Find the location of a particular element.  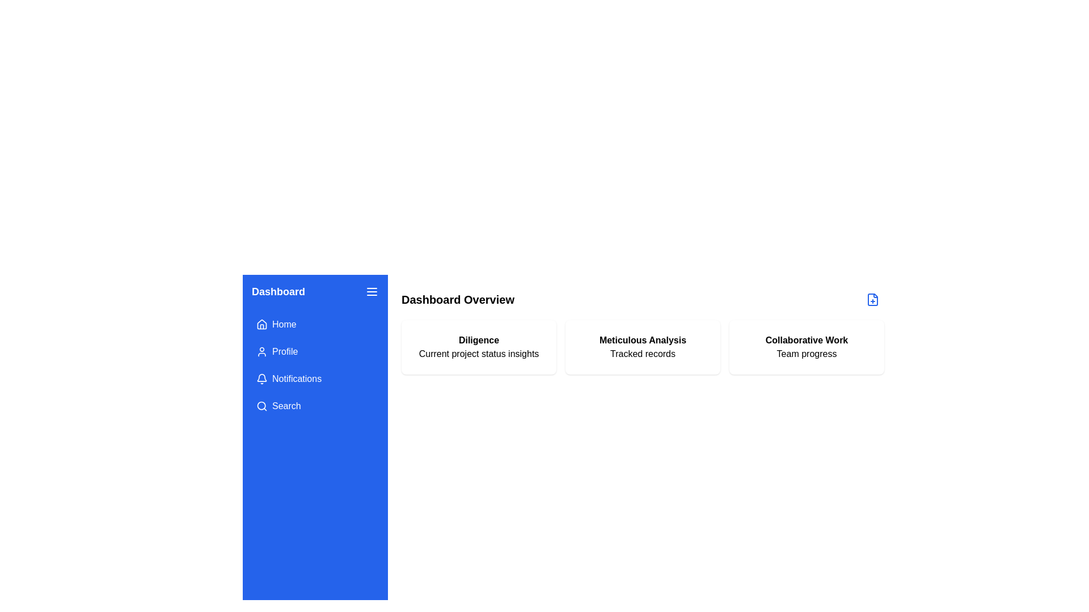

the top text label in the left vertical navigation menu that identifies the current section of the application interface is located at coordinates (278, 291).